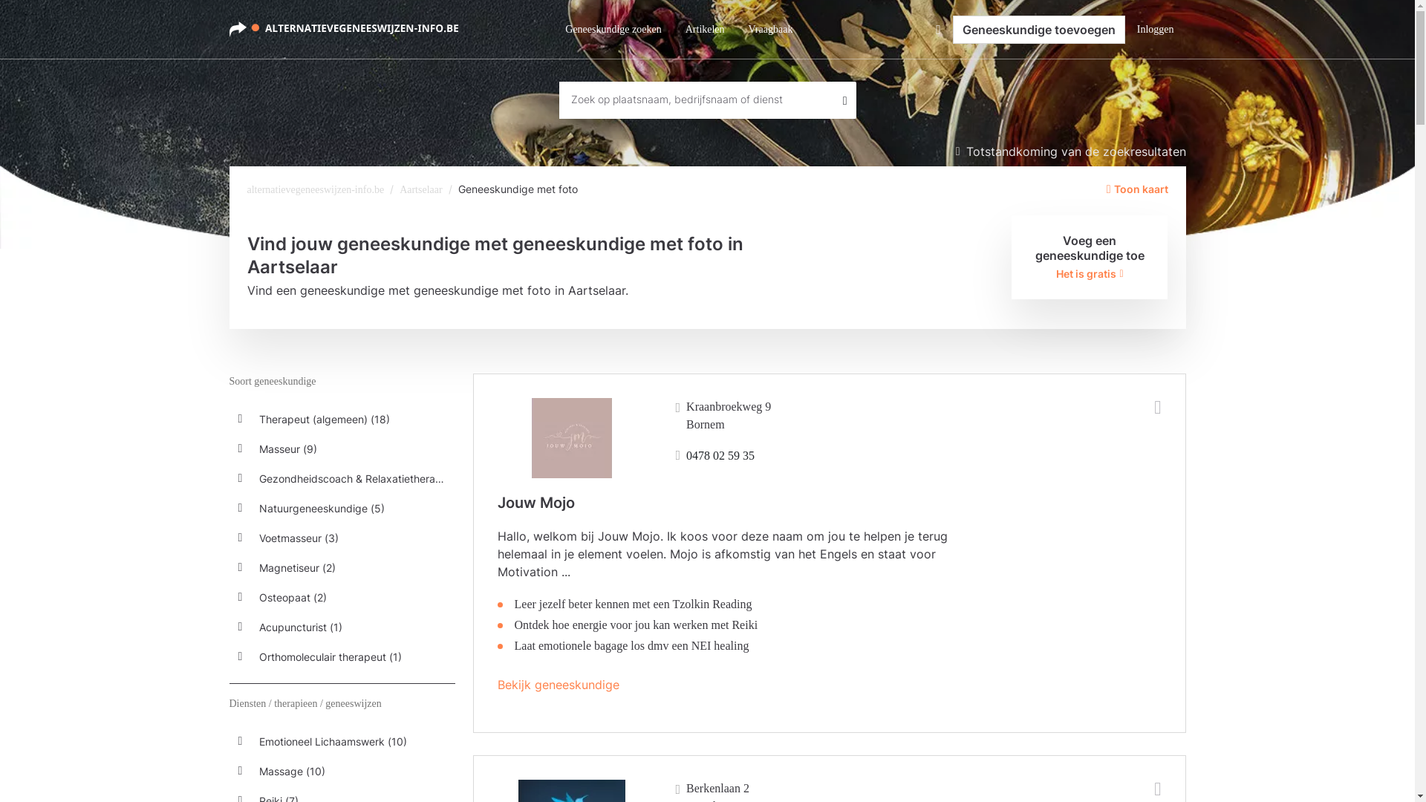 This screenshot has width=1426, height=802. What do you see at coordinates (558, 684) in the screenshot?
I see `'Bekijk geneeskundige'` at bounding box center [558, 684].